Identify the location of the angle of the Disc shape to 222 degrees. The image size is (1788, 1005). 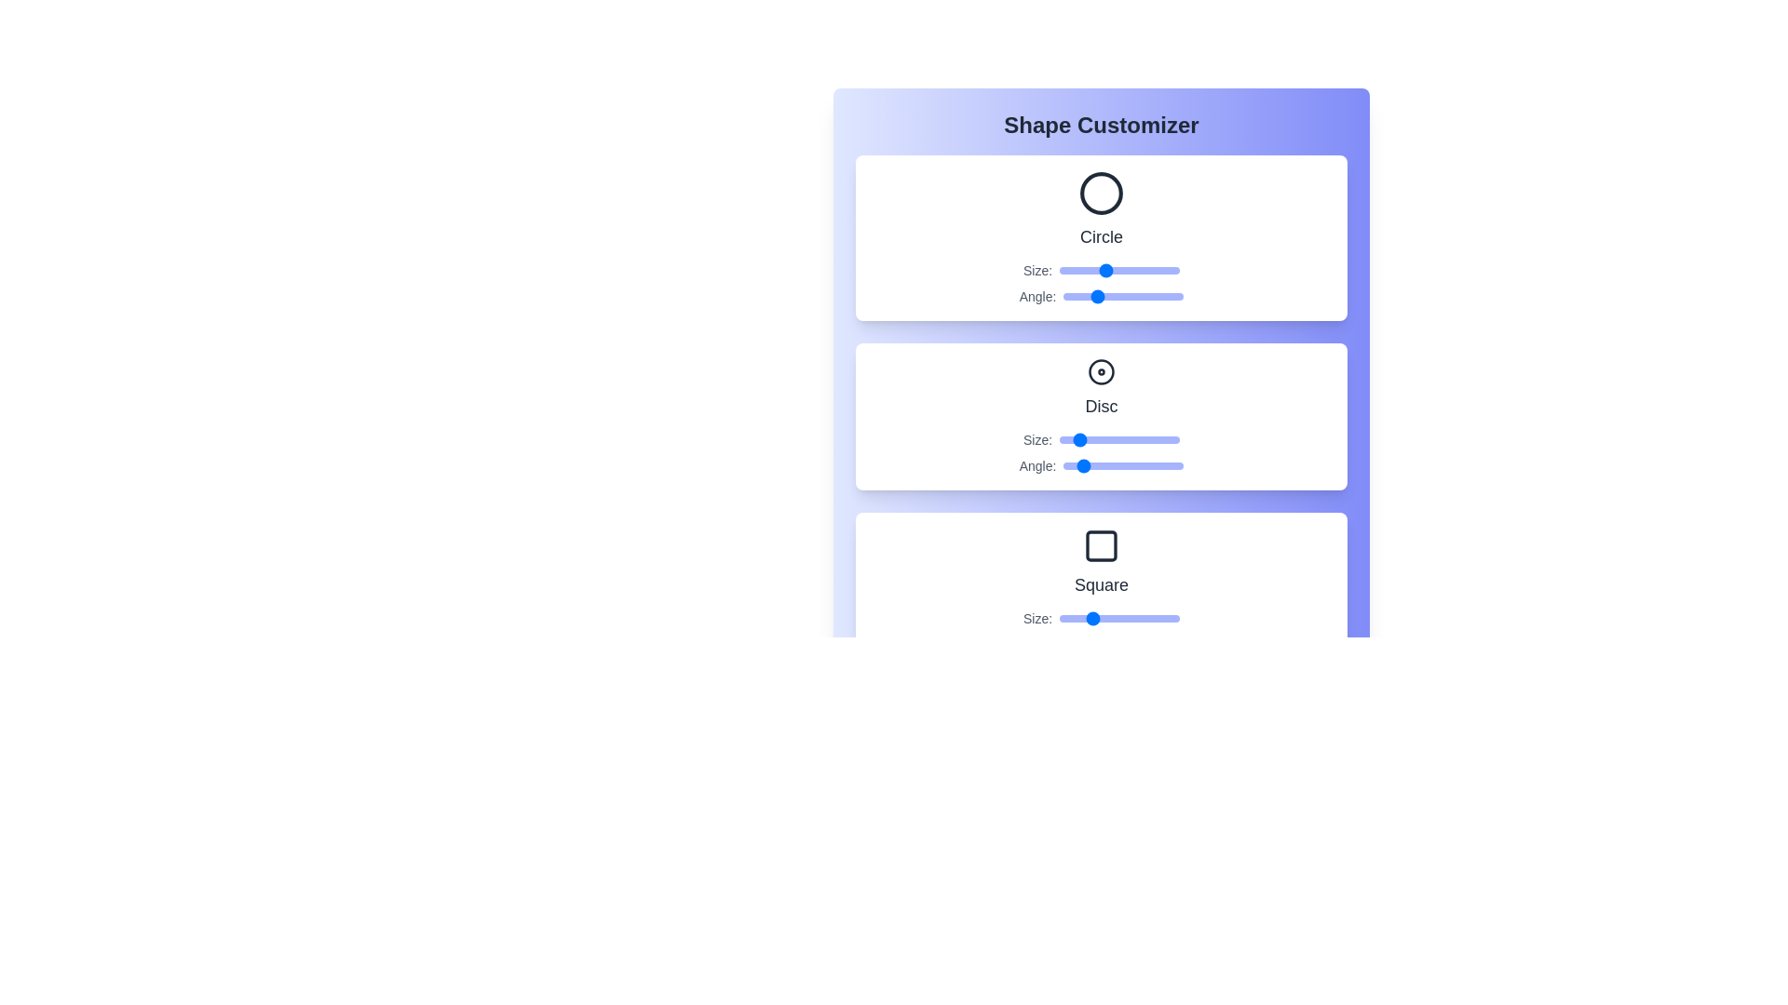
(1136, 465).